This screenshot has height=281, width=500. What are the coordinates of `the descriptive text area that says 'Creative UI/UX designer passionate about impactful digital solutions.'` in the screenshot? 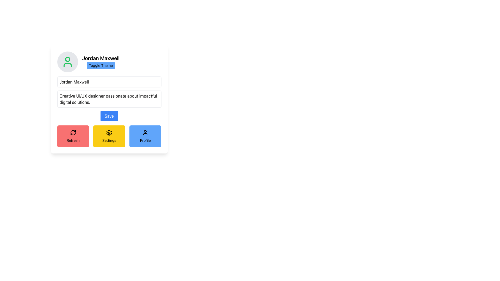 It's located at (109, 99).